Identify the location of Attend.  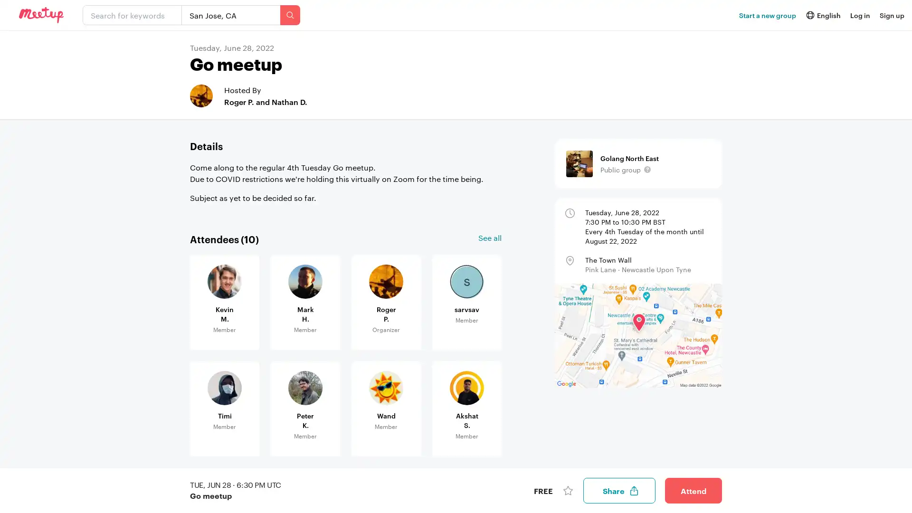
(693, 491).